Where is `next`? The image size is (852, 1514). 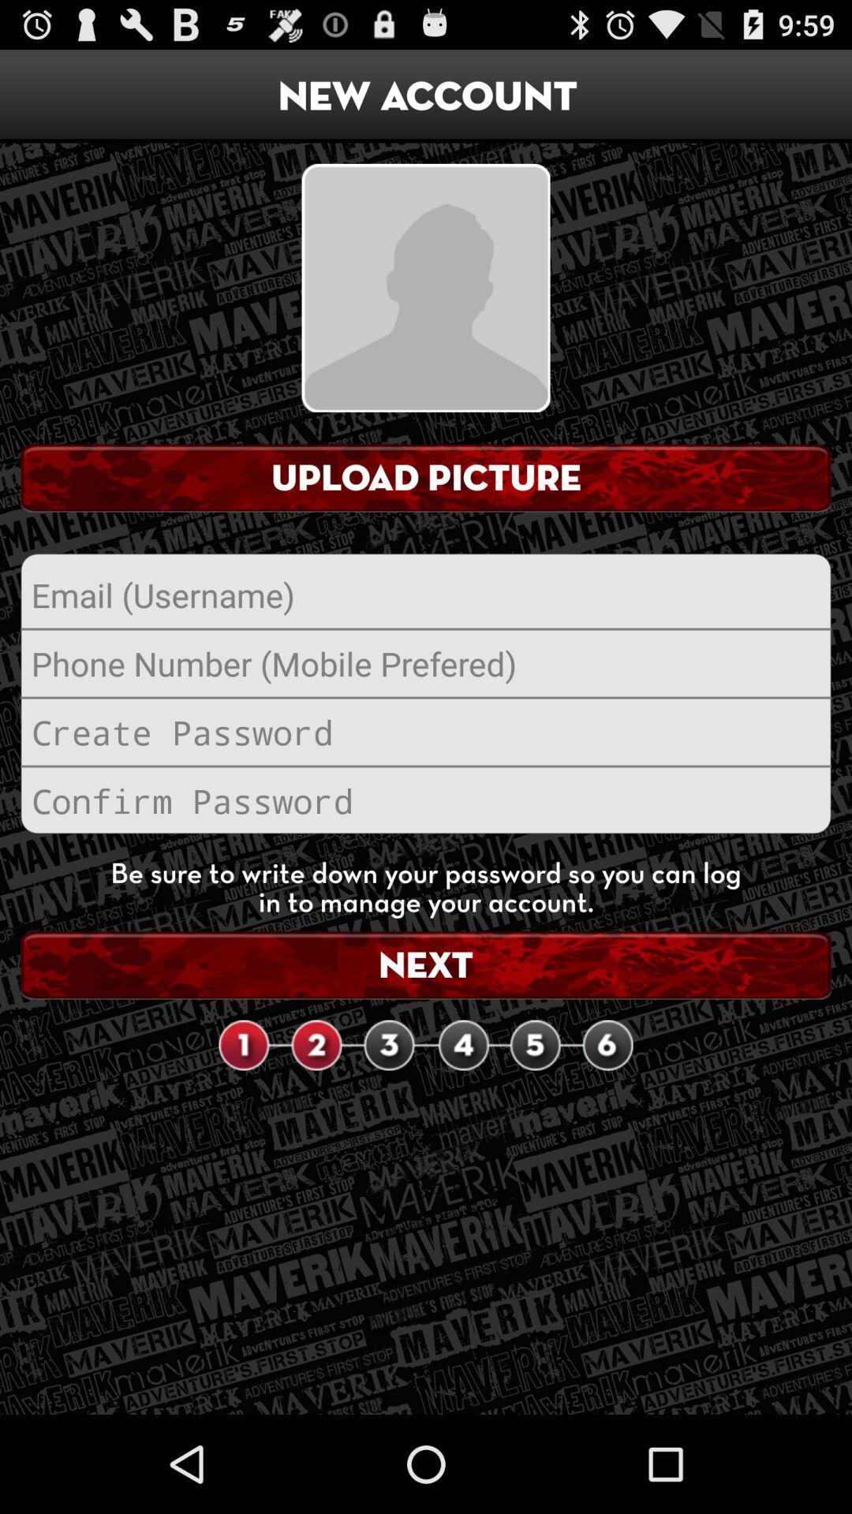
next is located at coordinates (426, 964).